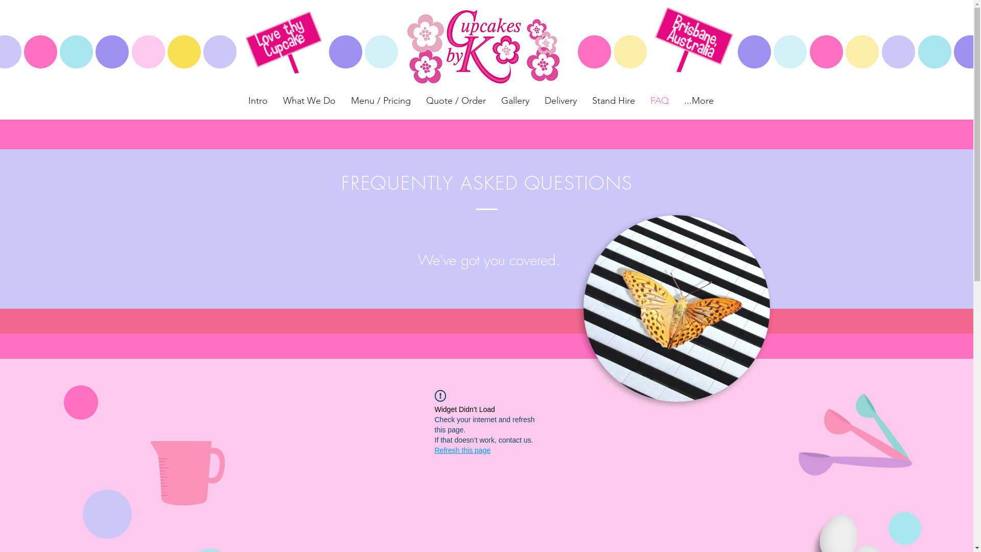  Describe the element at coordinates (559, 100) in the screenshot. I see `'Delivery'` at that location.